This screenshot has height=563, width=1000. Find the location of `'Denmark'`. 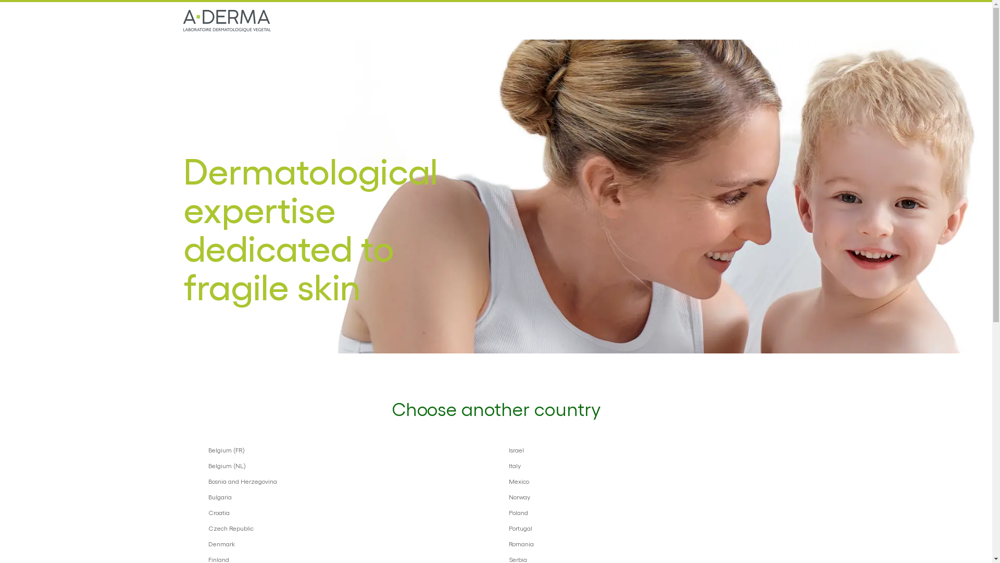

'Denmark' is located at coordinates (208, 543).